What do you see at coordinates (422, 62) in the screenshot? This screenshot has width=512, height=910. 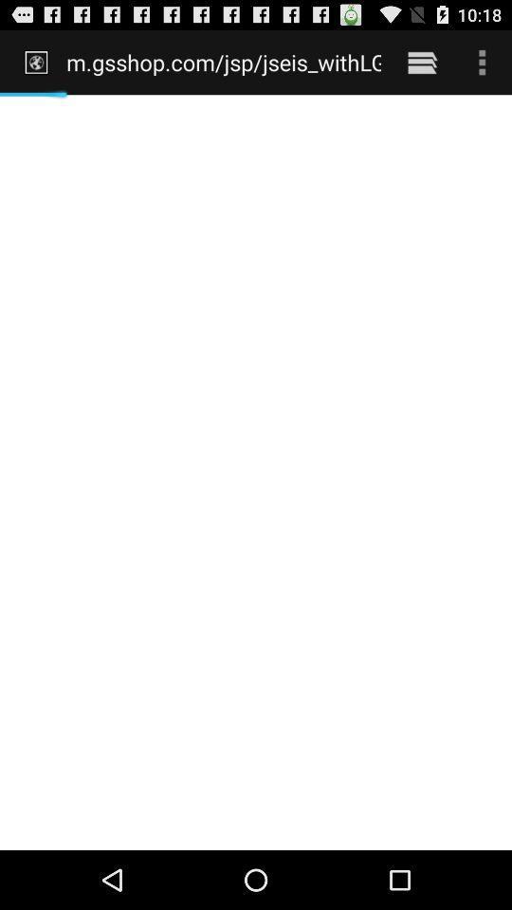 I see `icon next to the m gsshop com icon` at bounding box center [422, 62].